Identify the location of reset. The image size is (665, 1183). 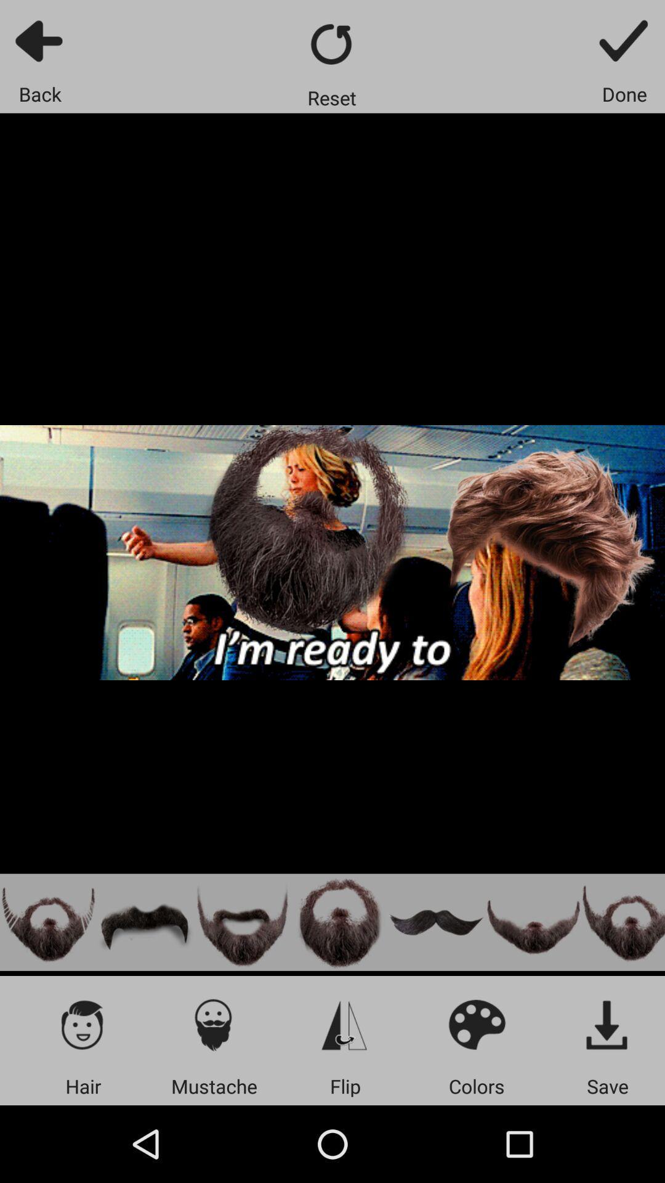
(331, 44).